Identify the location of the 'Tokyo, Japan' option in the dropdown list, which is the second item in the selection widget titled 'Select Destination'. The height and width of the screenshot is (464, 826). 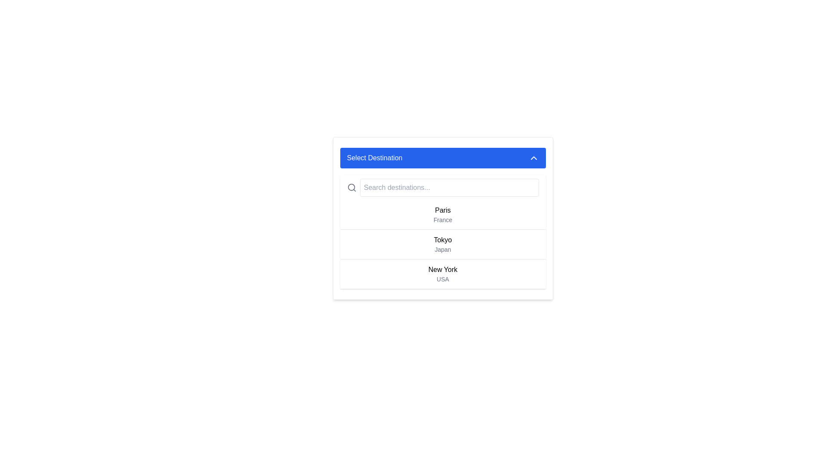
(443, 244).